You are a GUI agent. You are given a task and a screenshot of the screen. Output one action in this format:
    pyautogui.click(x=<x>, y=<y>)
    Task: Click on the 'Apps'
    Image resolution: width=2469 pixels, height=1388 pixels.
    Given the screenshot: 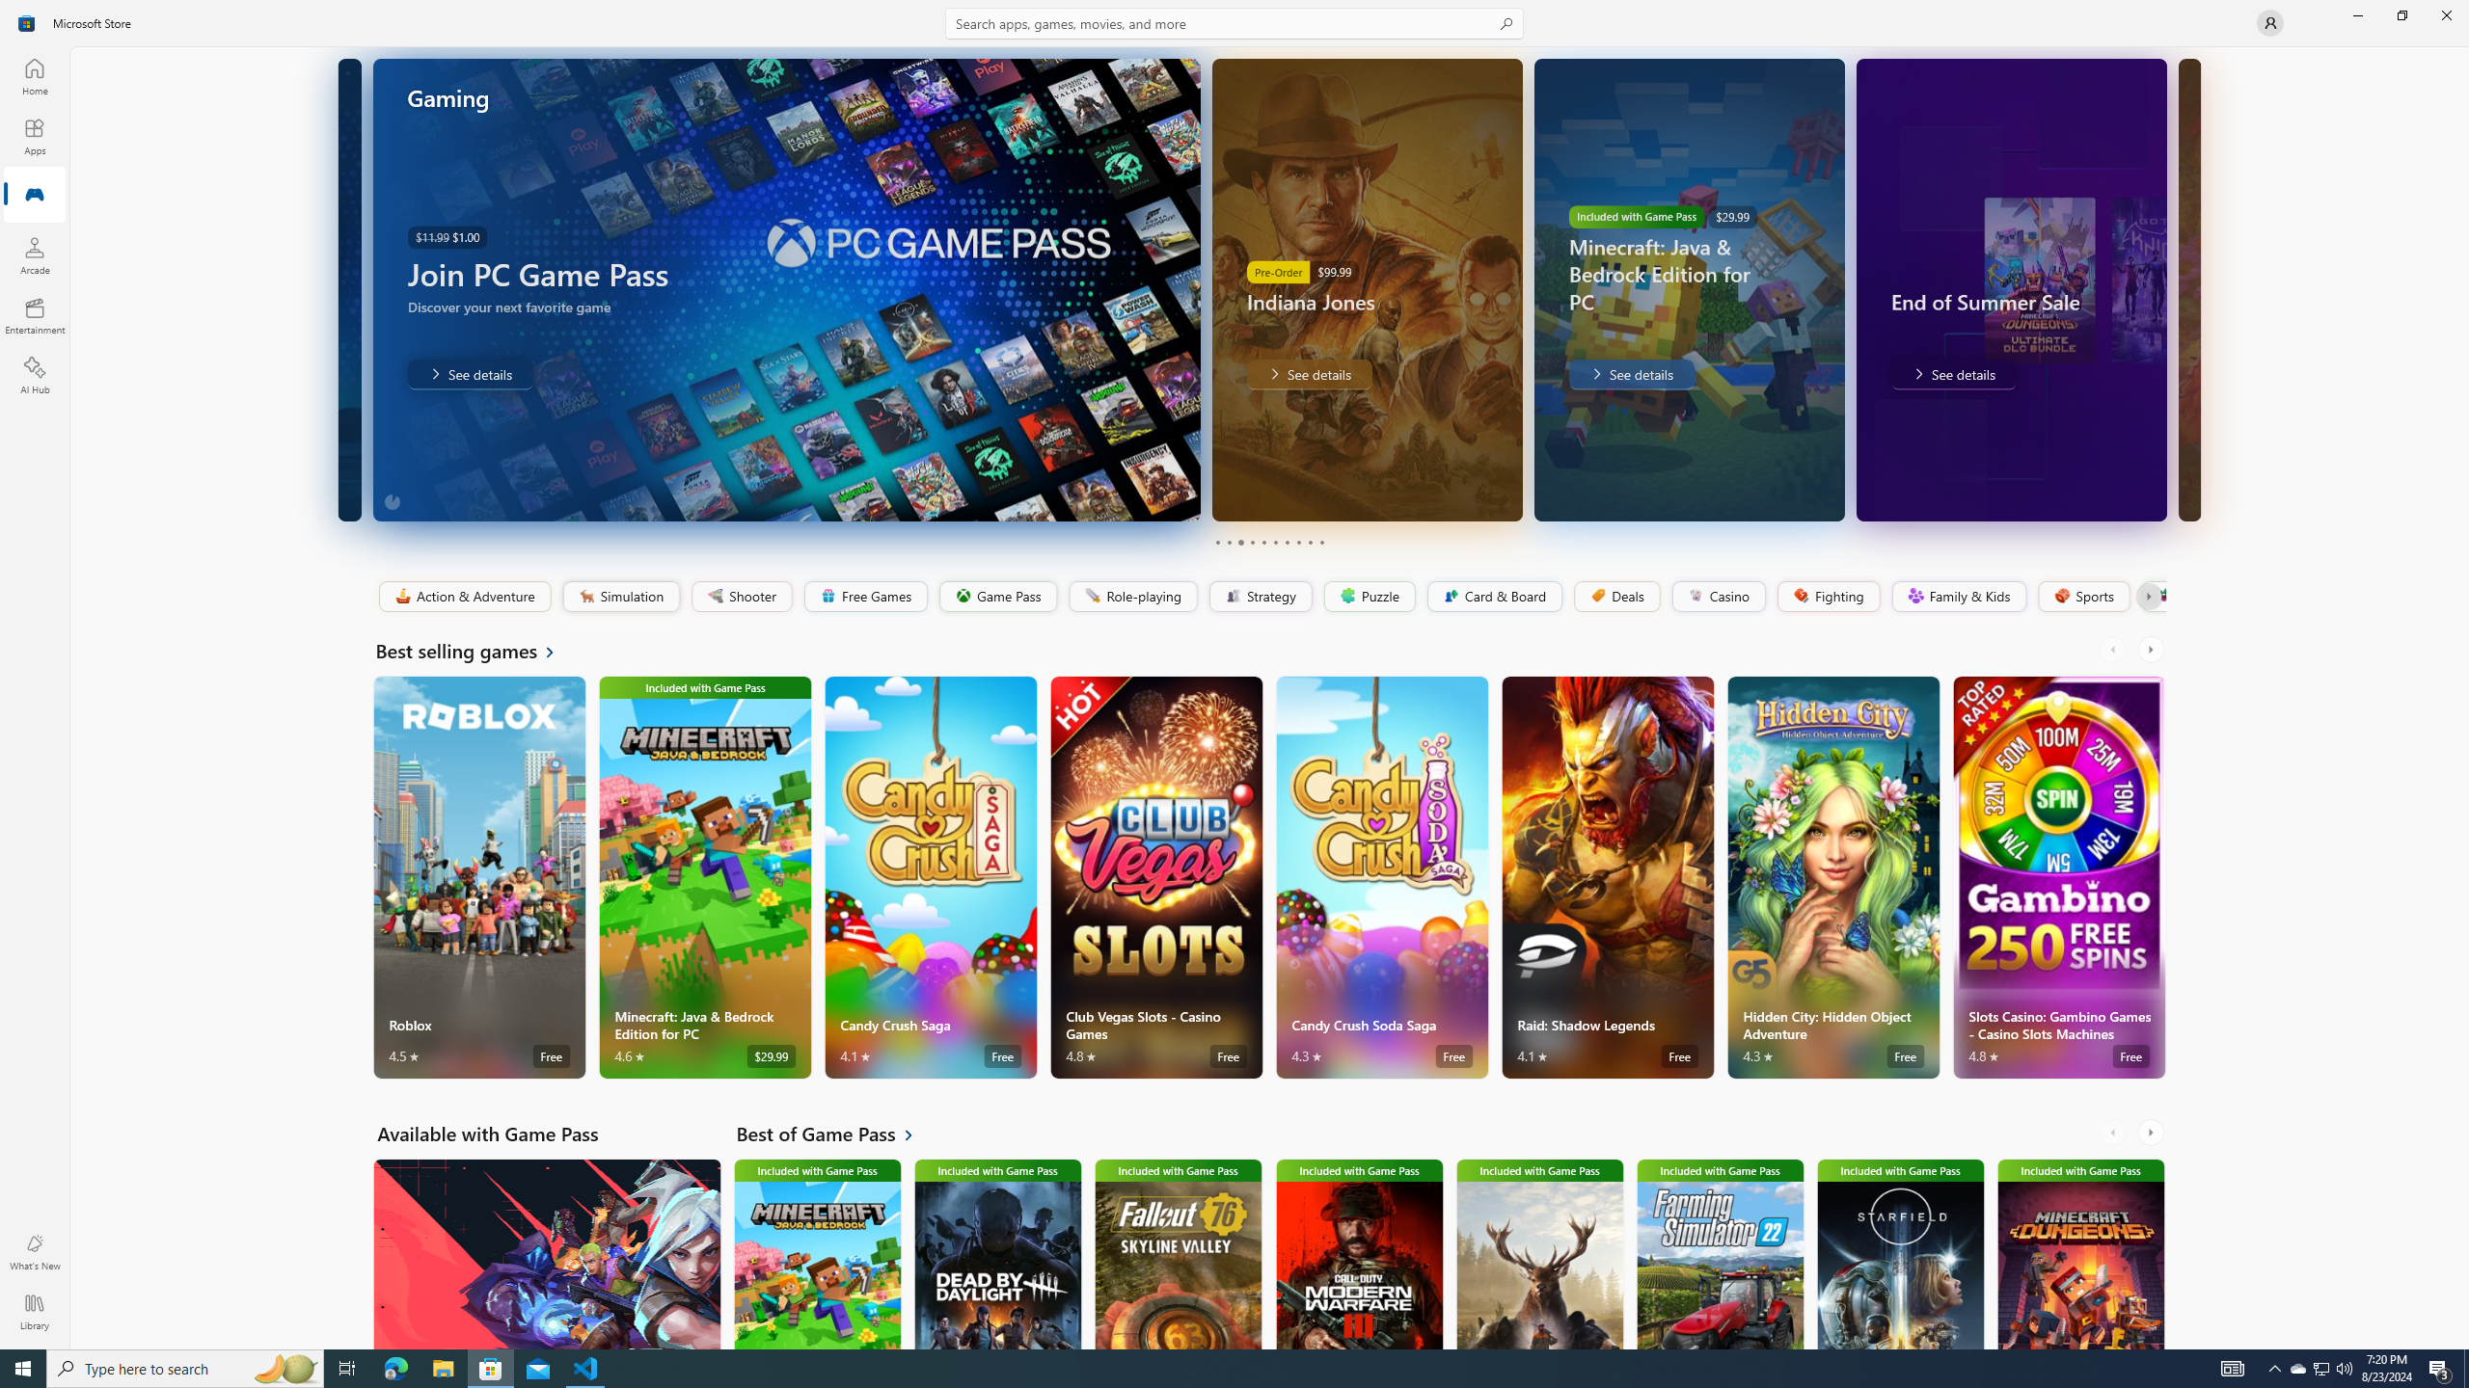 What is the action you would take?
    pyautogui.click(x=33, y=136)
    